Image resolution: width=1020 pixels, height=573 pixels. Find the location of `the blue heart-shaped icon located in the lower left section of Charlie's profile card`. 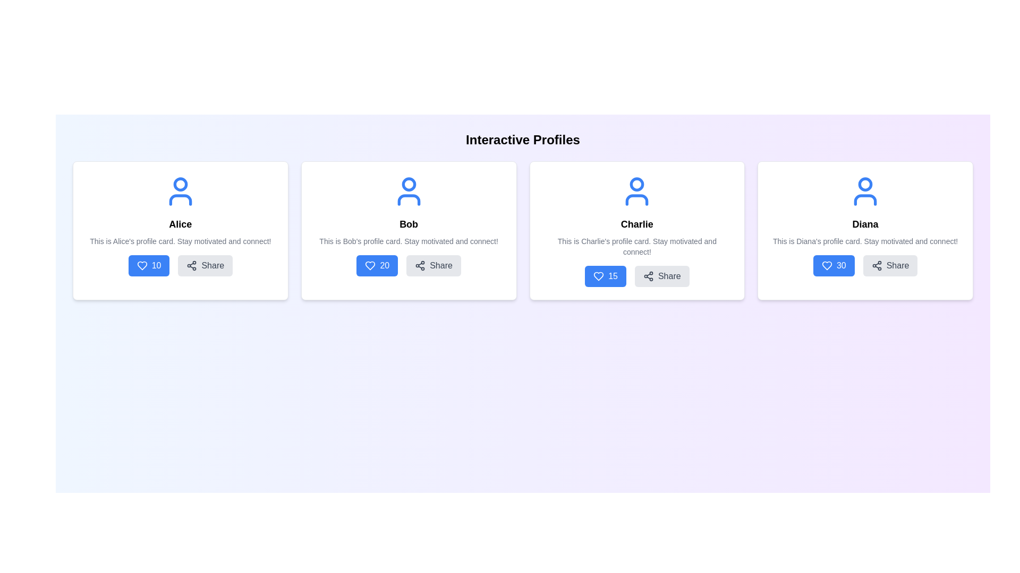

the blue heart-shaped icon located in the lower left section of Charlie's profile card is located at coordinates (599, 275).